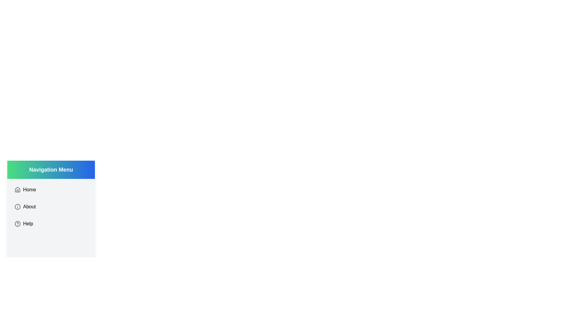 The width and height of the screenshot is (584, 328). Describe the element at coordinates (17, 207) in the screenshot. I see `the 'About' icon in the navigation menu, which is located to the immediate left of the text label 'About'` at that location.